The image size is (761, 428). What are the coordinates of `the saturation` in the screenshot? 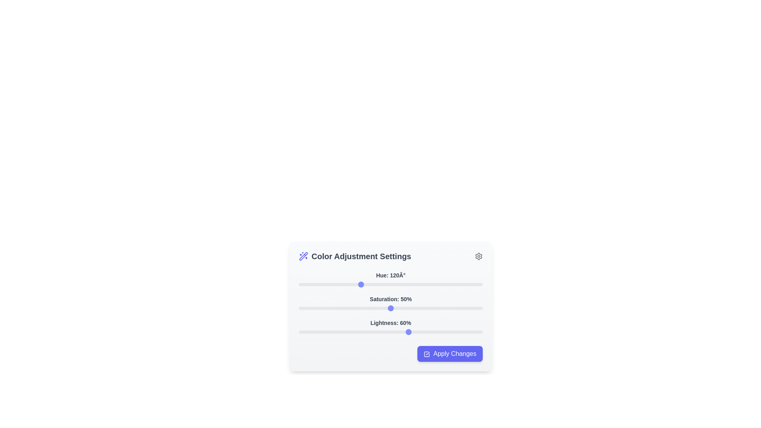 It's located at (475, 308).